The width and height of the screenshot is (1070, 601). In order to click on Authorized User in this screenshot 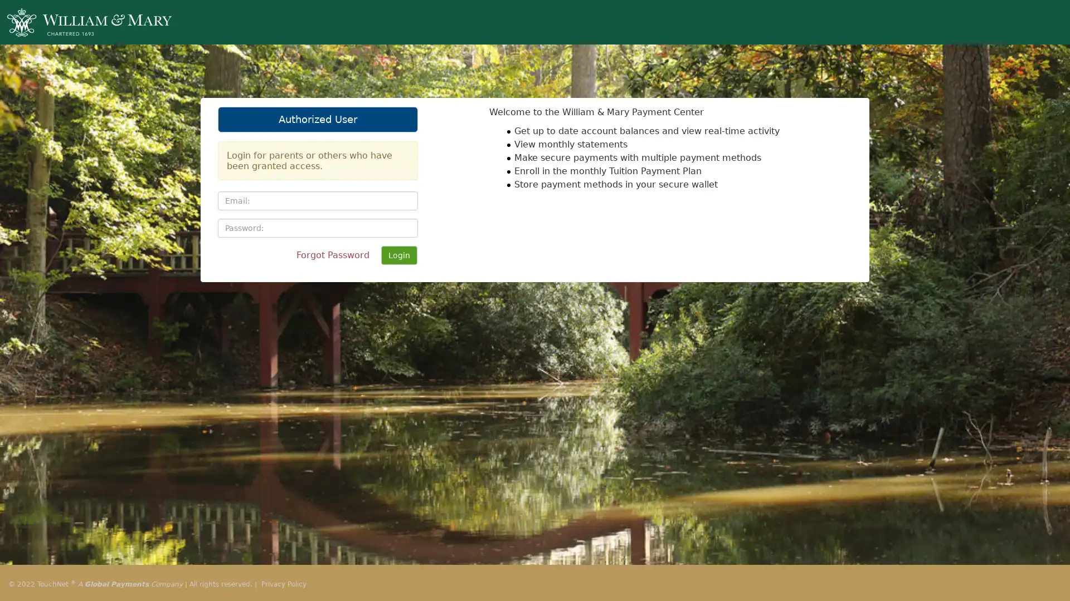, I will do `click(317, 120)`.